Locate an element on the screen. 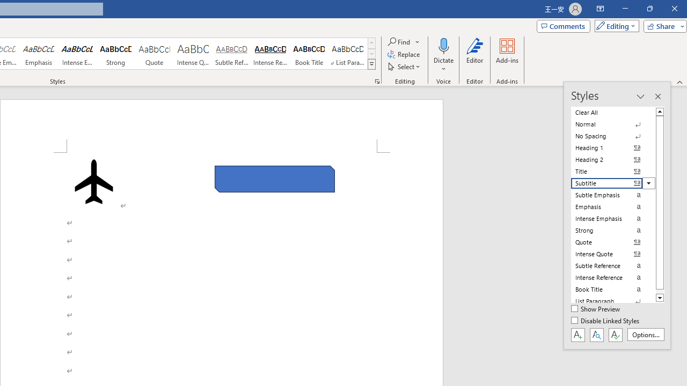  'Disable Linked Styles' is located at coordinates (606, 321).